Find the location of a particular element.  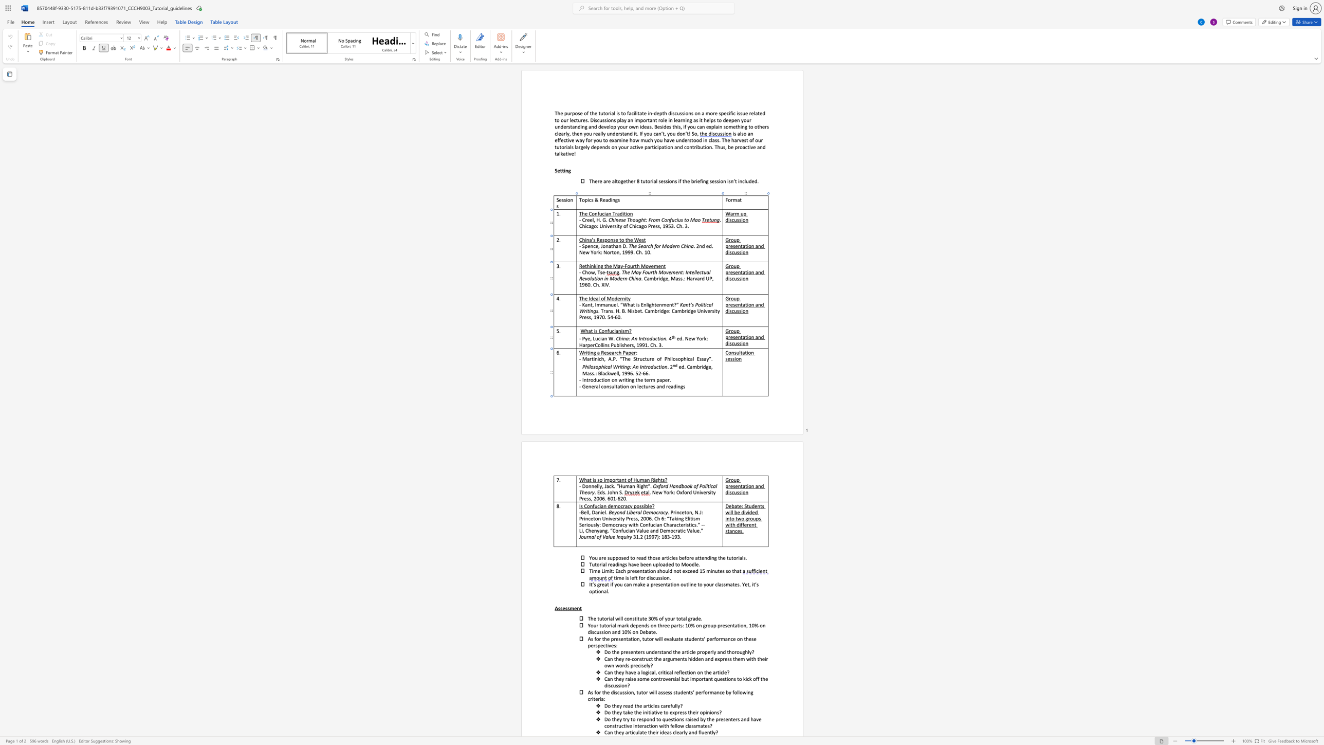

the 2th character "o" in the text is located at coordinates (624, 386).